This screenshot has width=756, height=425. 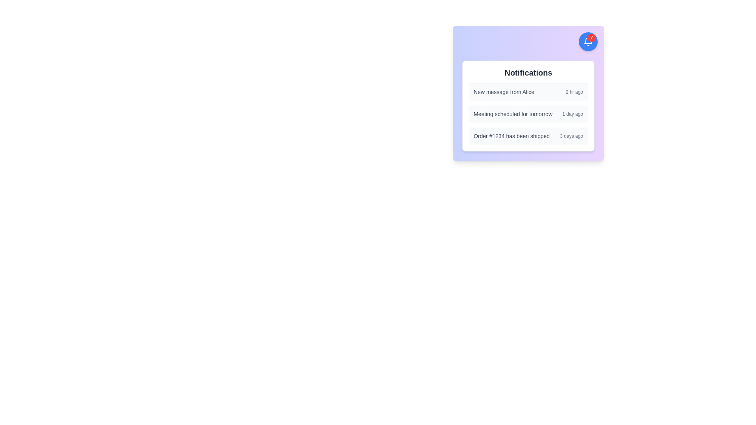 I want to click on the bell notification icon, which is a white outlined bell inside a circular blue button, so click(x=588, y=41).